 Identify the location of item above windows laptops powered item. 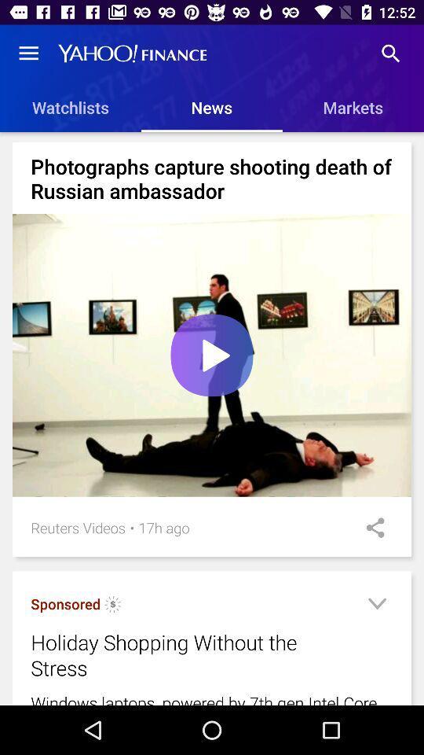
(376, 606).